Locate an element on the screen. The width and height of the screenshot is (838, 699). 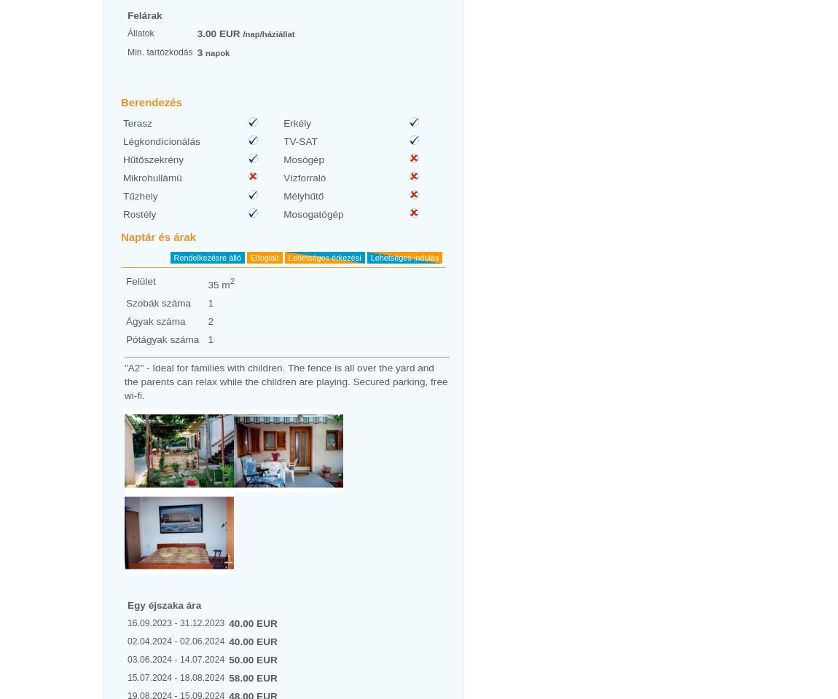
'12 / 2023' is located at coordinates (283, 522).